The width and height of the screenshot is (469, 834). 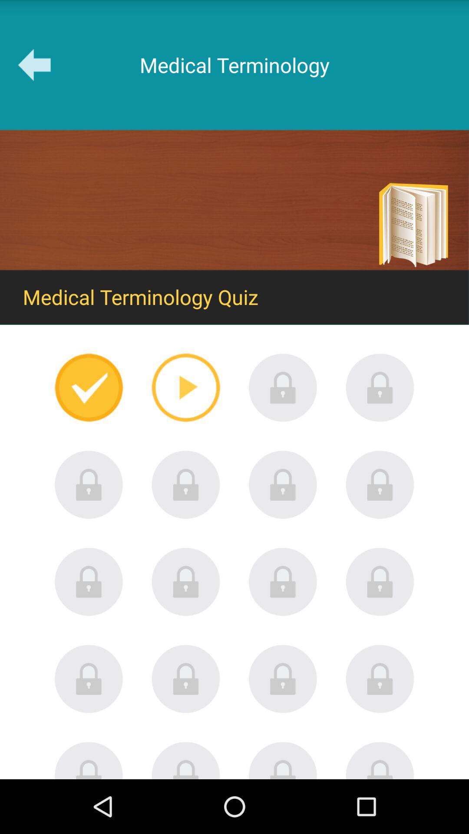 I want to click on right arrow play button, so click(x=185, y=387).